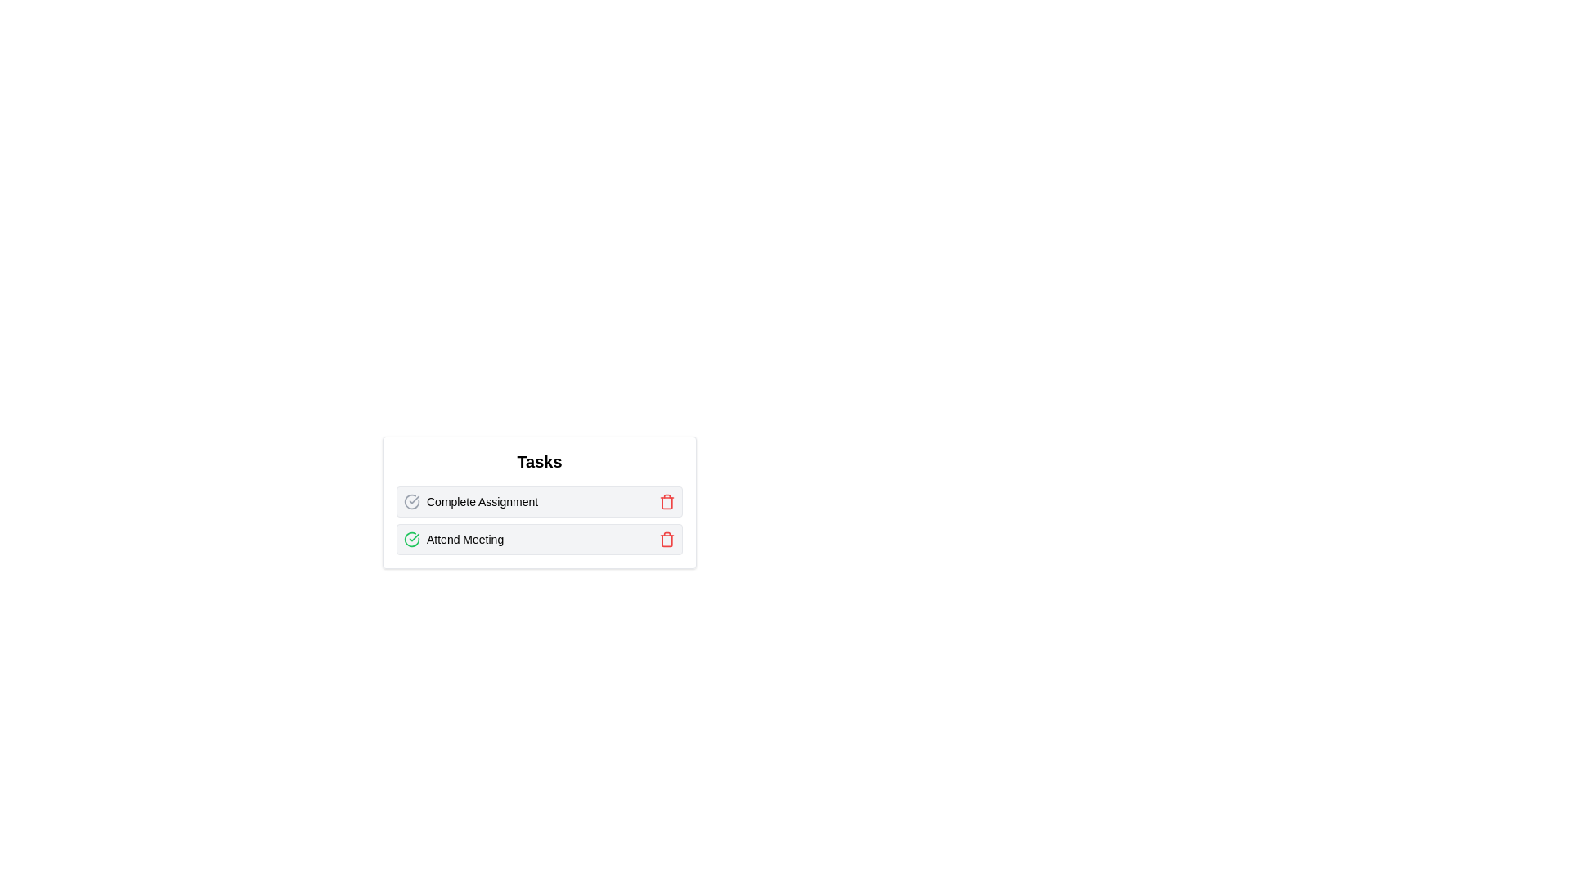 The height and width of the screenshot is (883, 1570). What do you see at coordinates (454, 539) in the screenshot?
I see `the completed task entry labeled 'Attend Meeting' in the vertical task list that shows a strikethrough, located between 'Complete Assignment' and the red trash icon` at bounding box center [454, 539].